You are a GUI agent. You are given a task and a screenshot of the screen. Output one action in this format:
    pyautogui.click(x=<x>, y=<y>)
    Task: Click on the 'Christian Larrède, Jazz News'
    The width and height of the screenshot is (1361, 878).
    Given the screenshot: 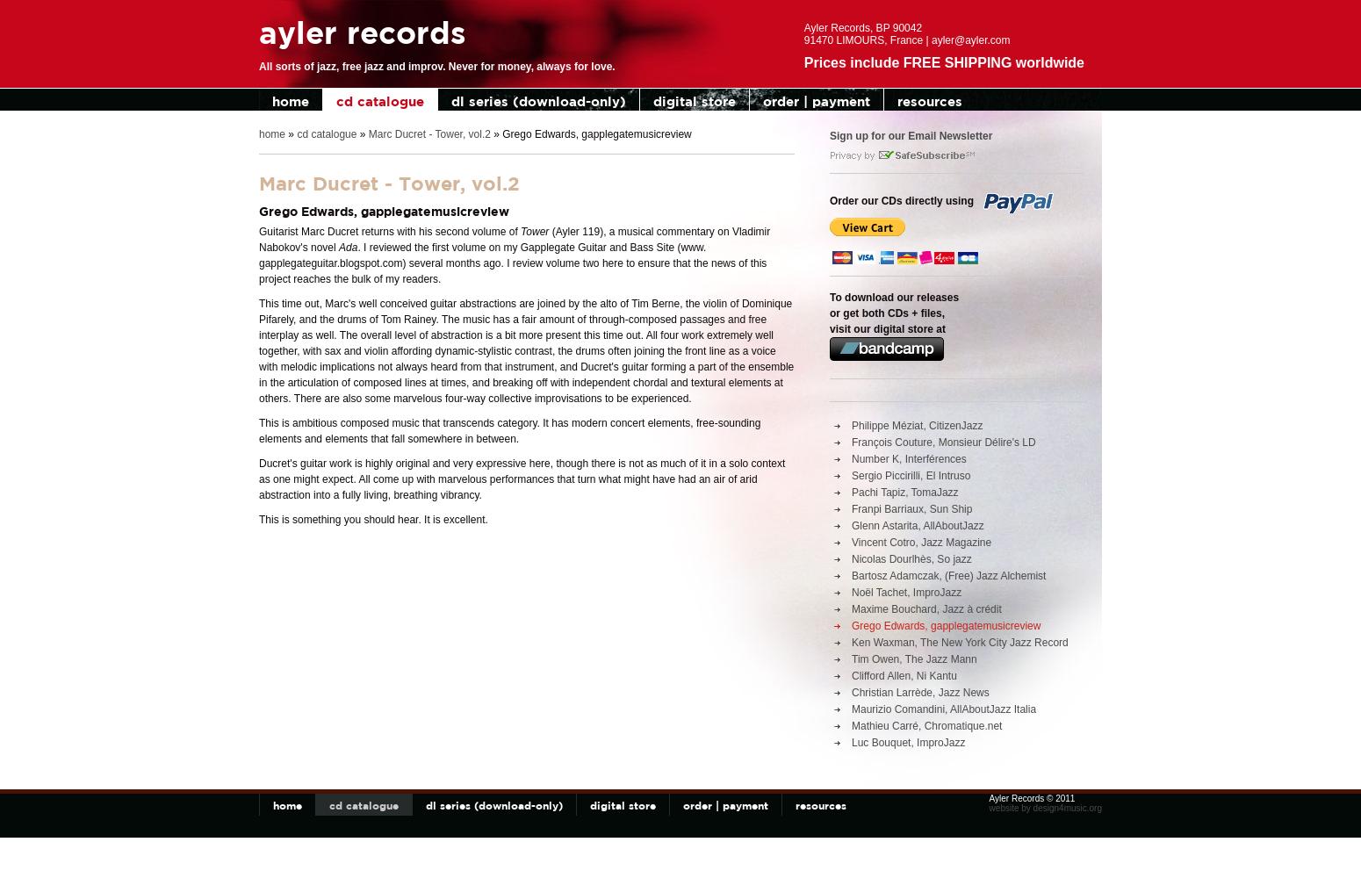 What is the action you would take?
    pyautogui.click(x=919, y=693)
    